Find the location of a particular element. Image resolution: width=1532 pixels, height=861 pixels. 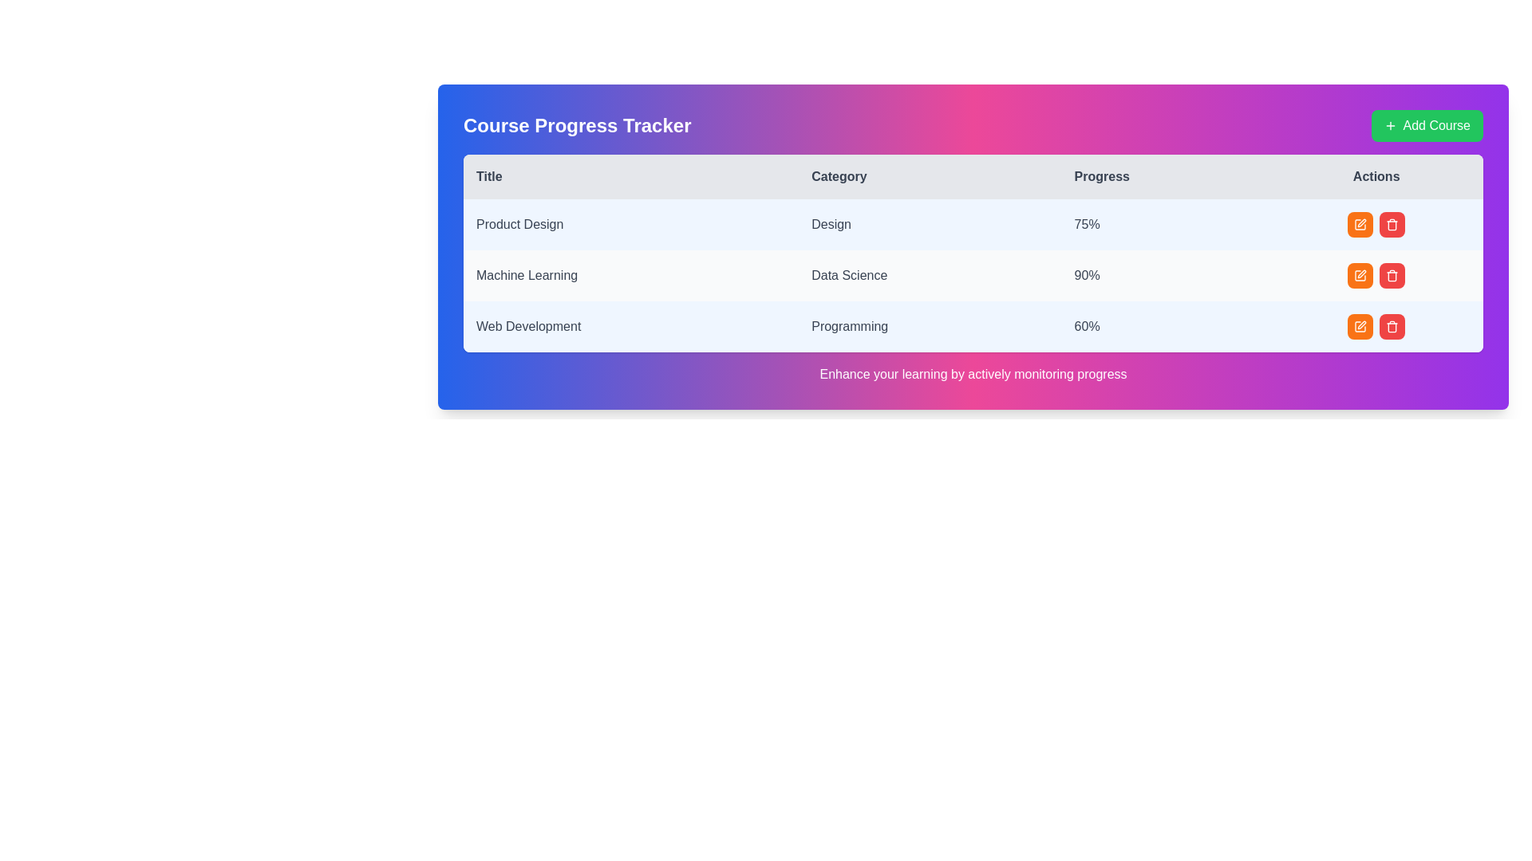

the delete button located in the 'Actions' column of the second row in the table is located at coordinates (1392, 275).